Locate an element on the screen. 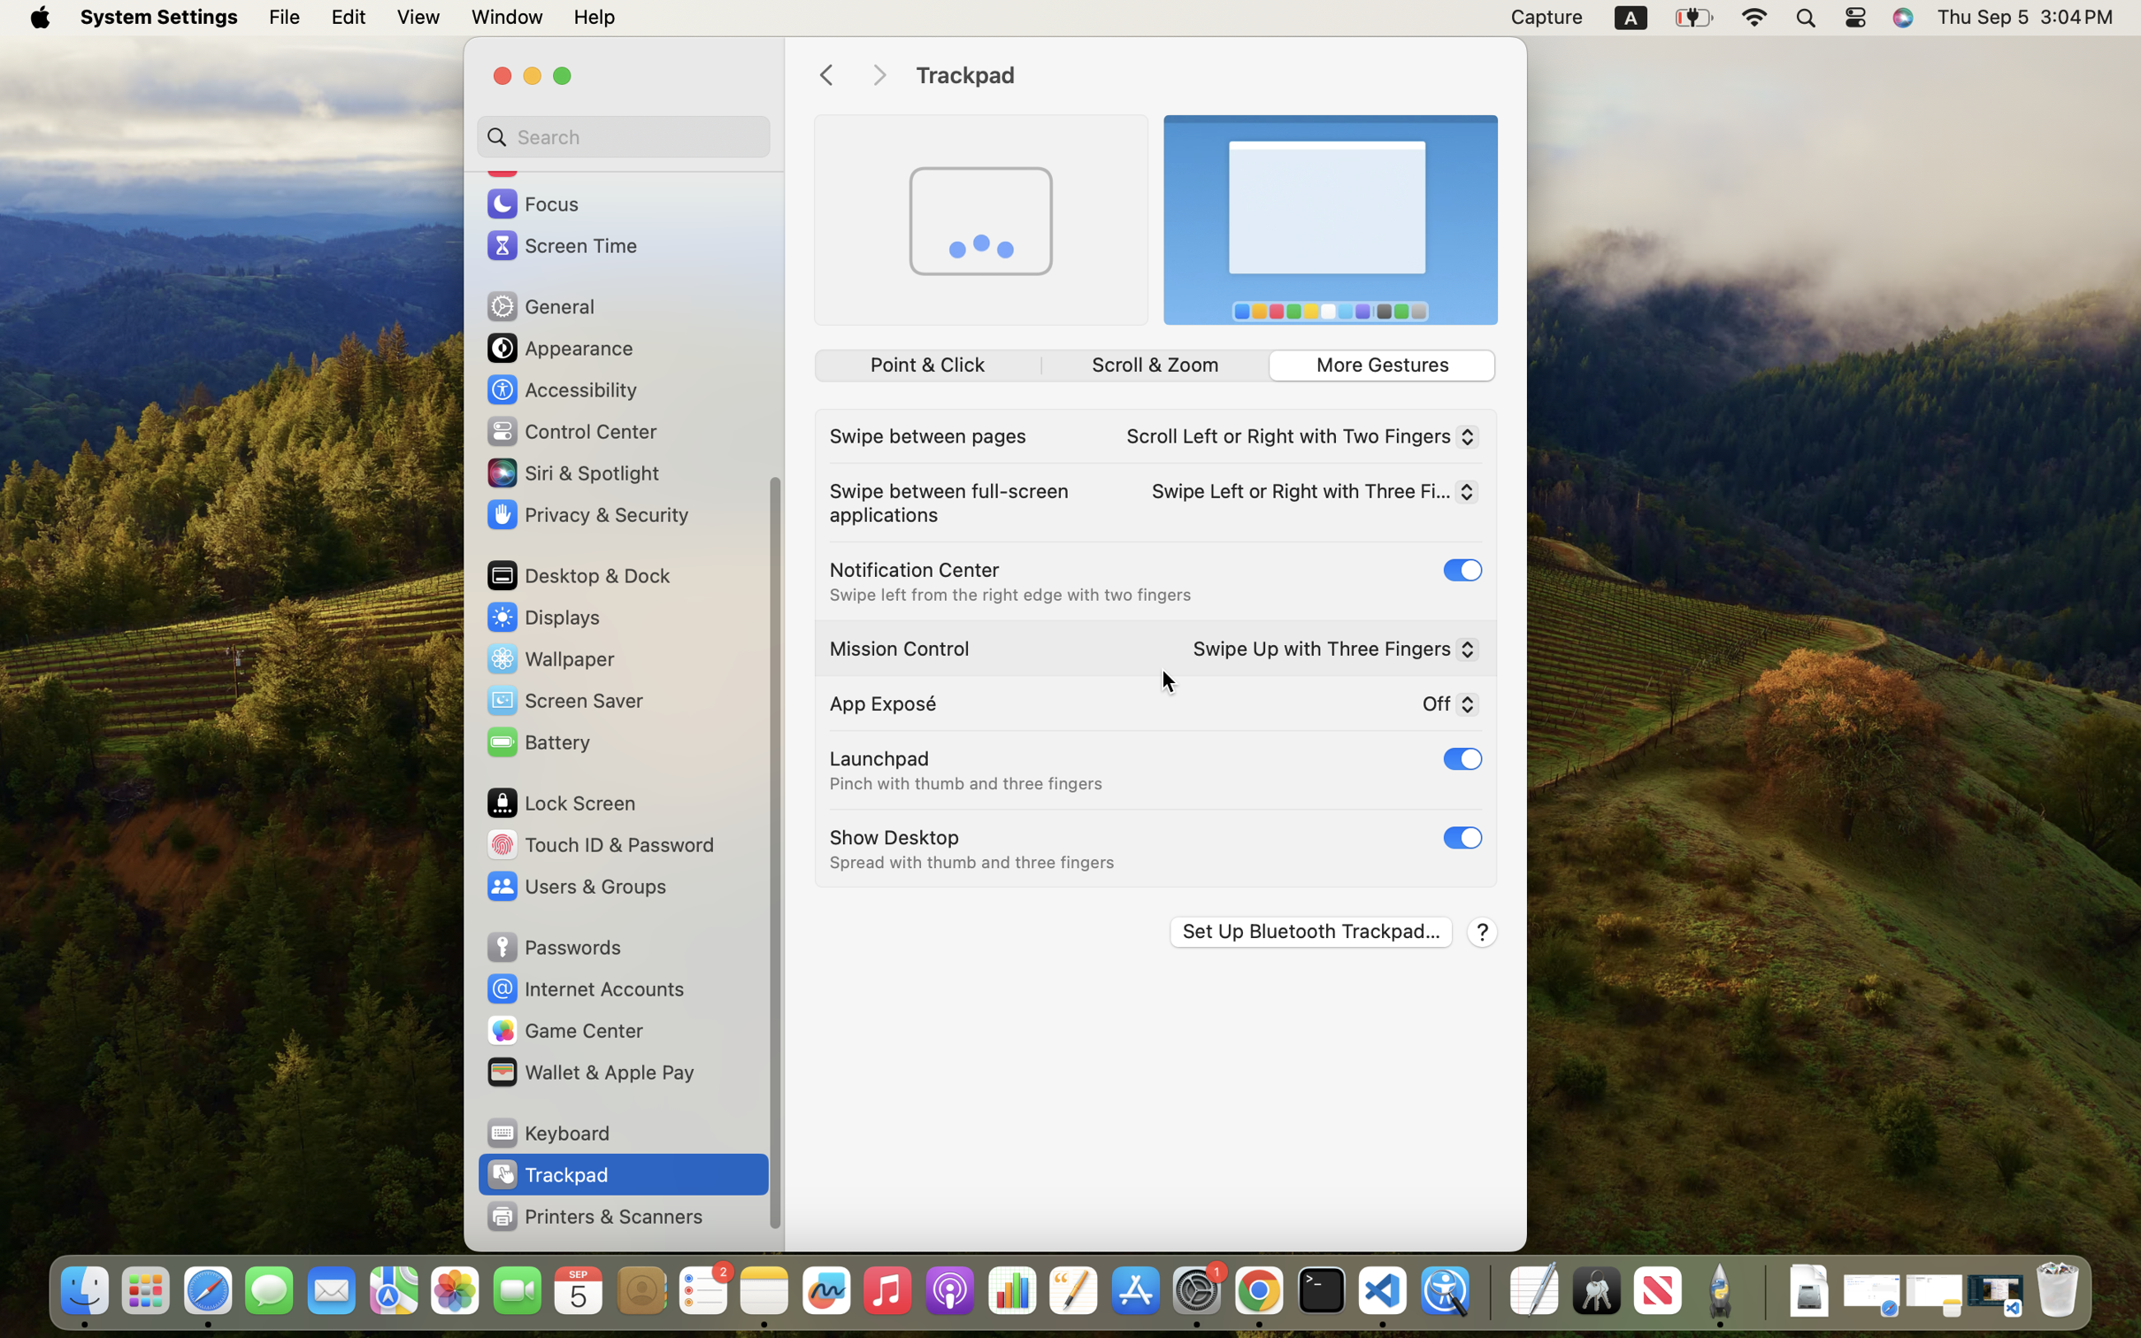 The width and height of the screenshot is (2141, 1338). '<AXUIElement 0x179d501d0> {pid=3099}' is located at coordinates (1155, 365).